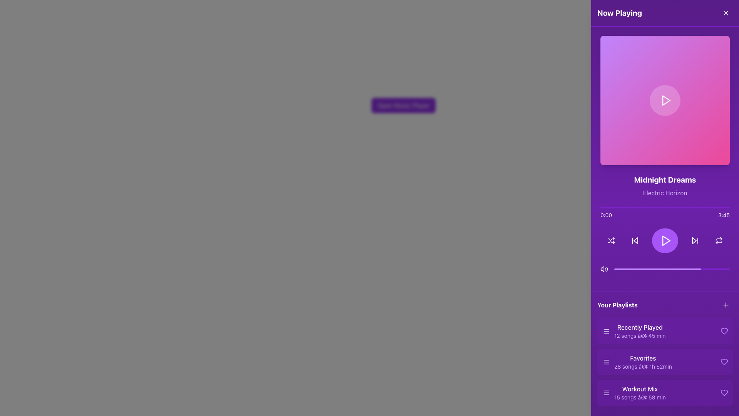 Image resolution: width=739 pixels, height=416 pixels. I want to click on the volume, so click(615, 268).